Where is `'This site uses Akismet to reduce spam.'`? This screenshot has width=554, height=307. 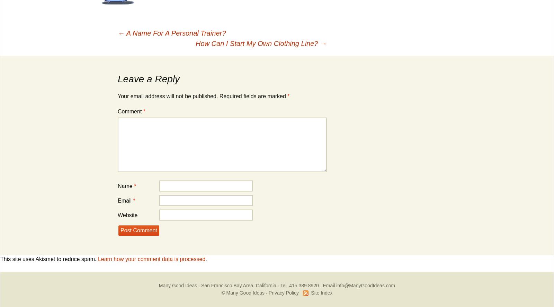 'This site uses Akismet to reduce spam.' is located at coordinates (48, 259).